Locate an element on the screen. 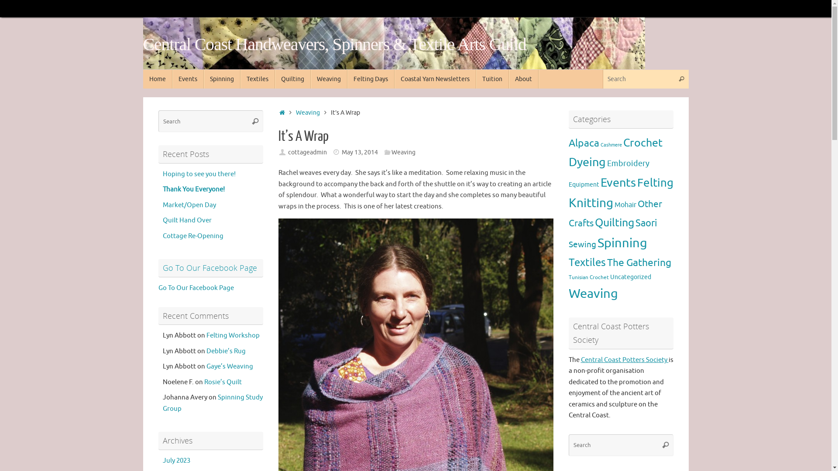  'Central Coast Potters Society' is located at coordinates (624, 360).